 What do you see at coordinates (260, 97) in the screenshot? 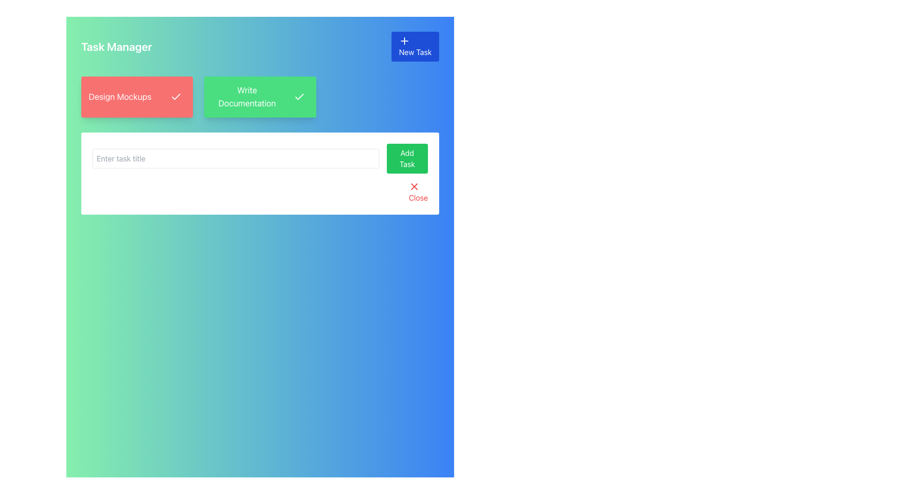
I see `the task card displaying 'Write Documentation' with a green background and a checkmark icon, which is the second element in the horizontal task list` at bounding box center [260, 97].